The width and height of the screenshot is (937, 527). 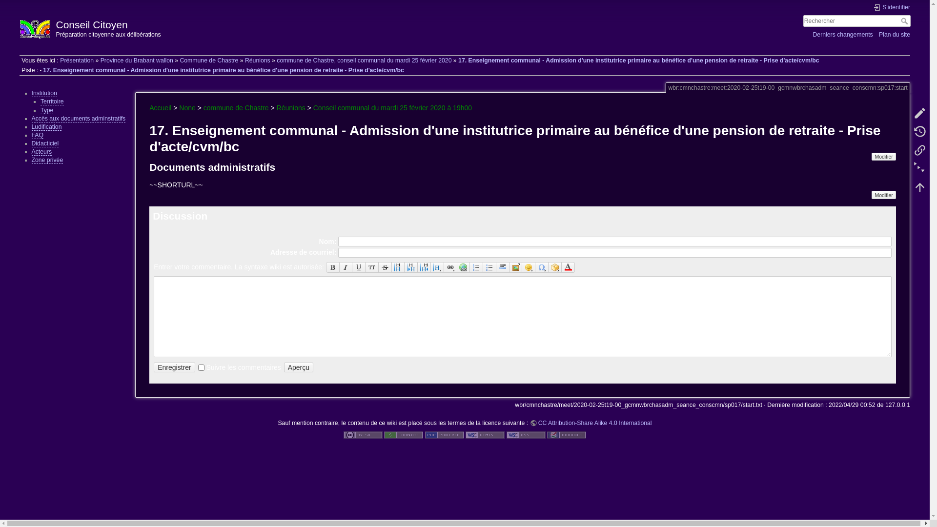 What do you see at coordinates (43, 93) in the screenshot?
I see `'Institution'` at bounding box center [43, 93].